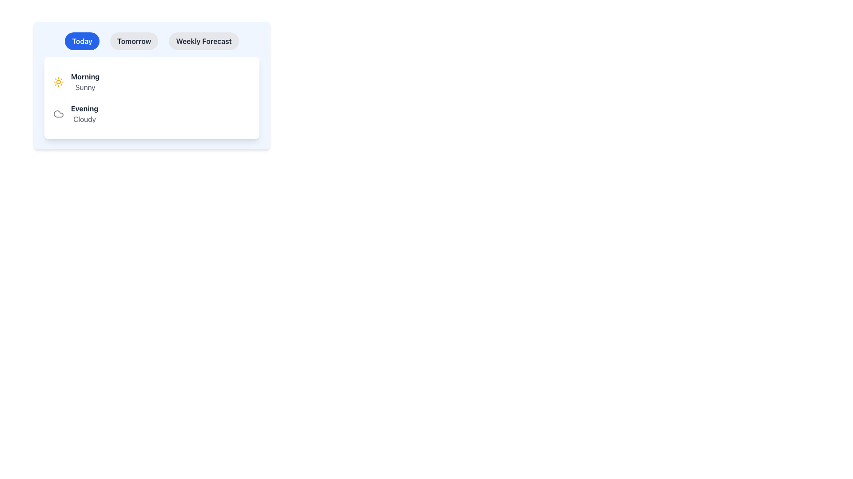 The height and width of the screenshot is (479, 853). What do you see at coordinates (151, 82) in the screenshot?
I see `the Weather Information Display Block, which is the first item in the vertically arranged list of weather report blocks within the 'Today' tab of the weather forecast interface` at bounding box center [151, 82].